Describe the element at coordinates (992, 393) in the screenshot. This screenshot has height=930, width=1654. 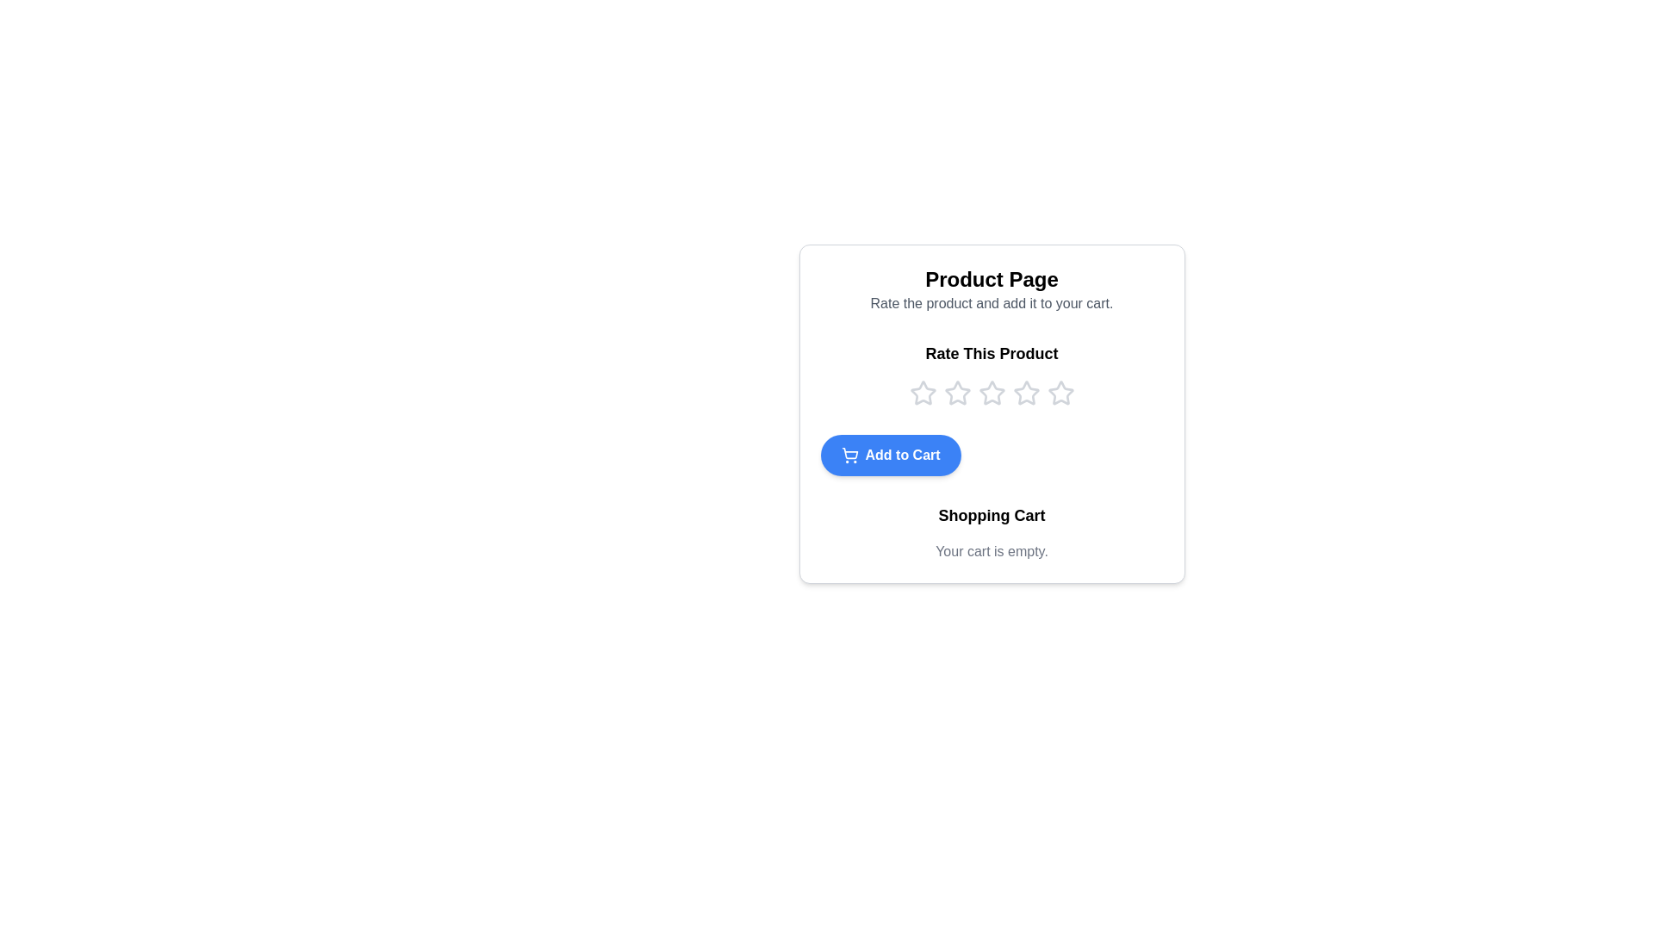
I see `the fourth star icon in the rating section beneath 'Rate This Product'` at that location.